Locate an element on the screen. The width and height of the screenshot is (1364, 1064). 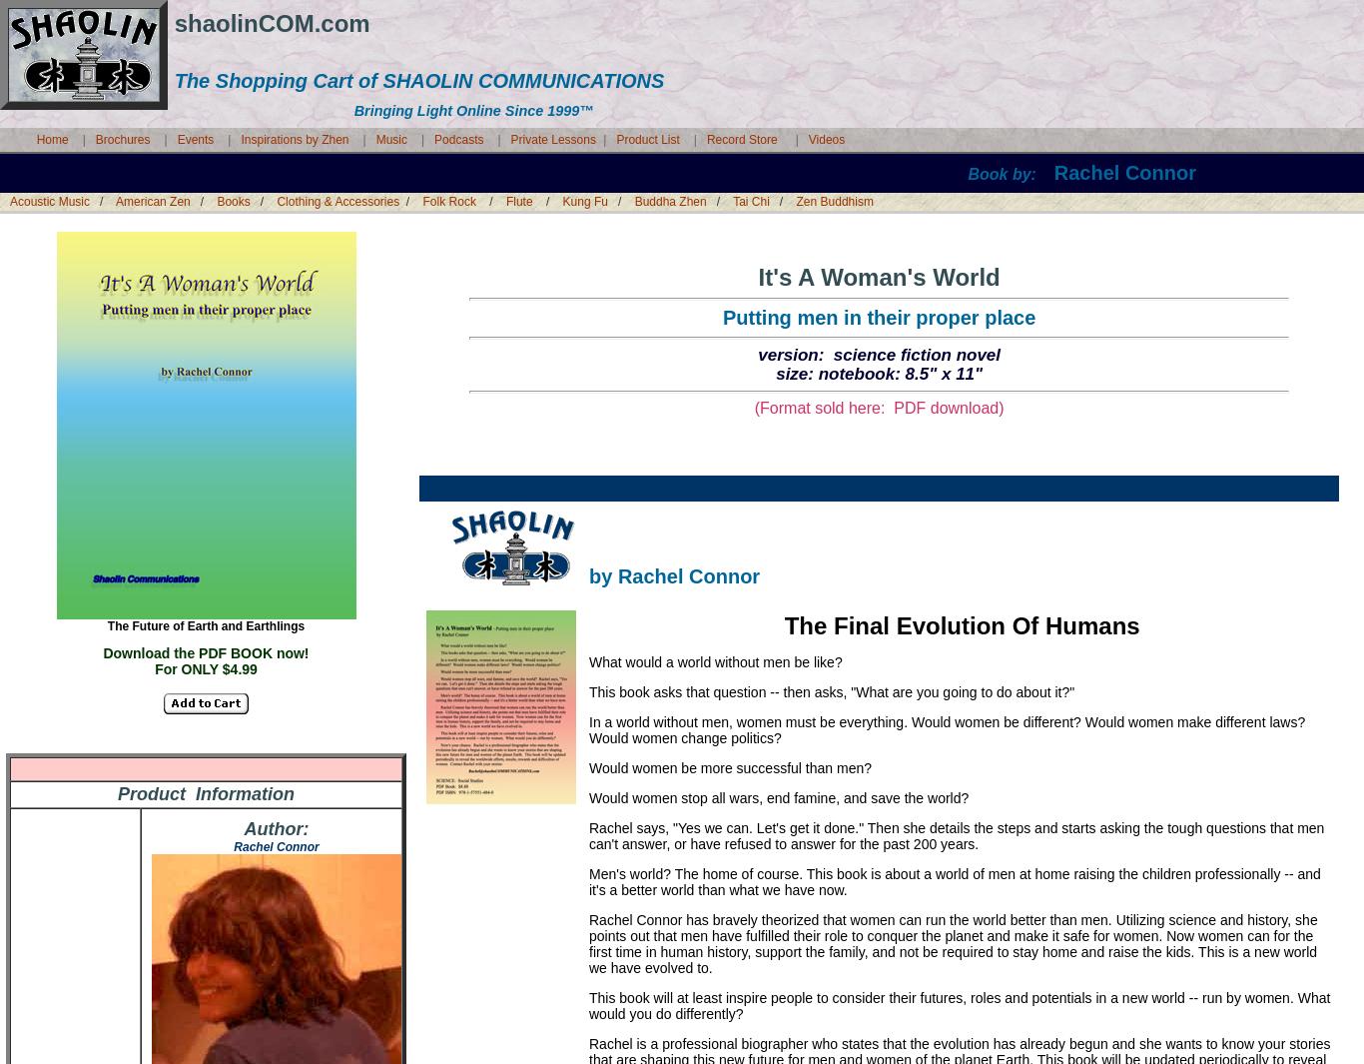
'Tai Chi' is located at coordinates (750, 201).